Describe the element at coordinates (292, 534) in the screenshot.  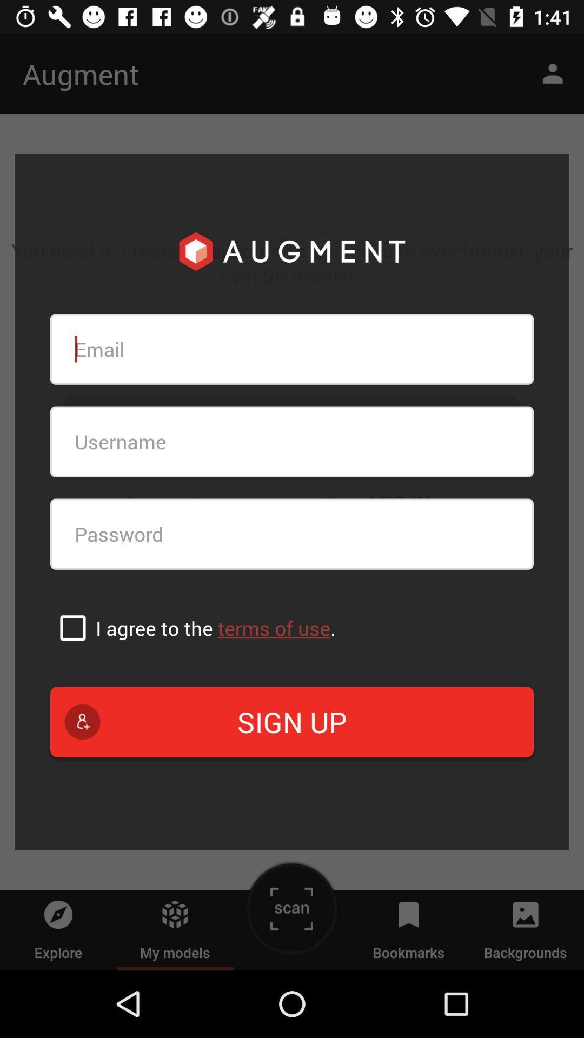
I see `password` at that location.